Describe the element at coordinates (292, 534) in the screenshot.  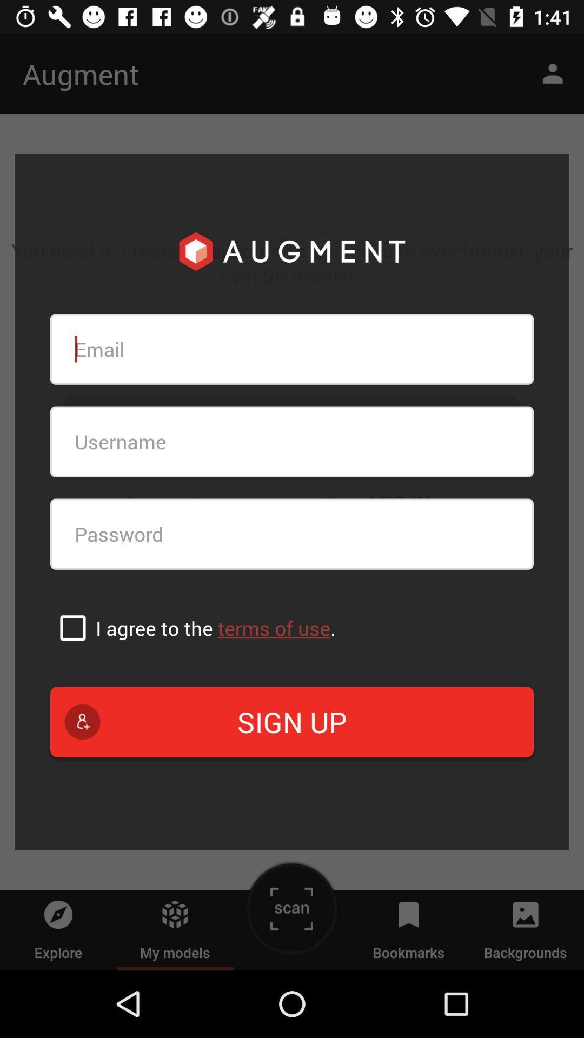
I see `password` at that location.